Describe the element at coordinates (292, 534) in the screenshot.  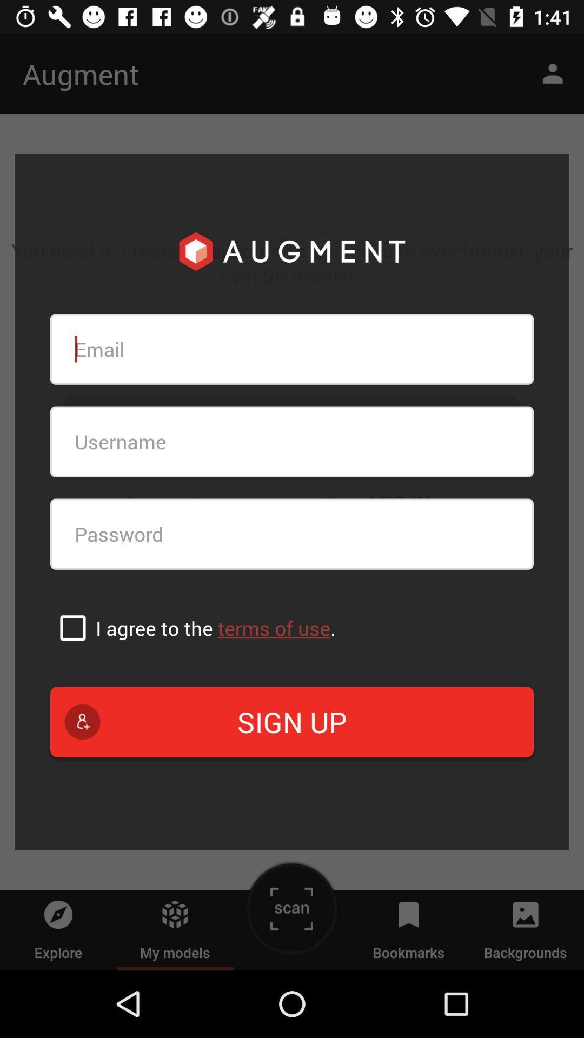
I see `password` at that location.